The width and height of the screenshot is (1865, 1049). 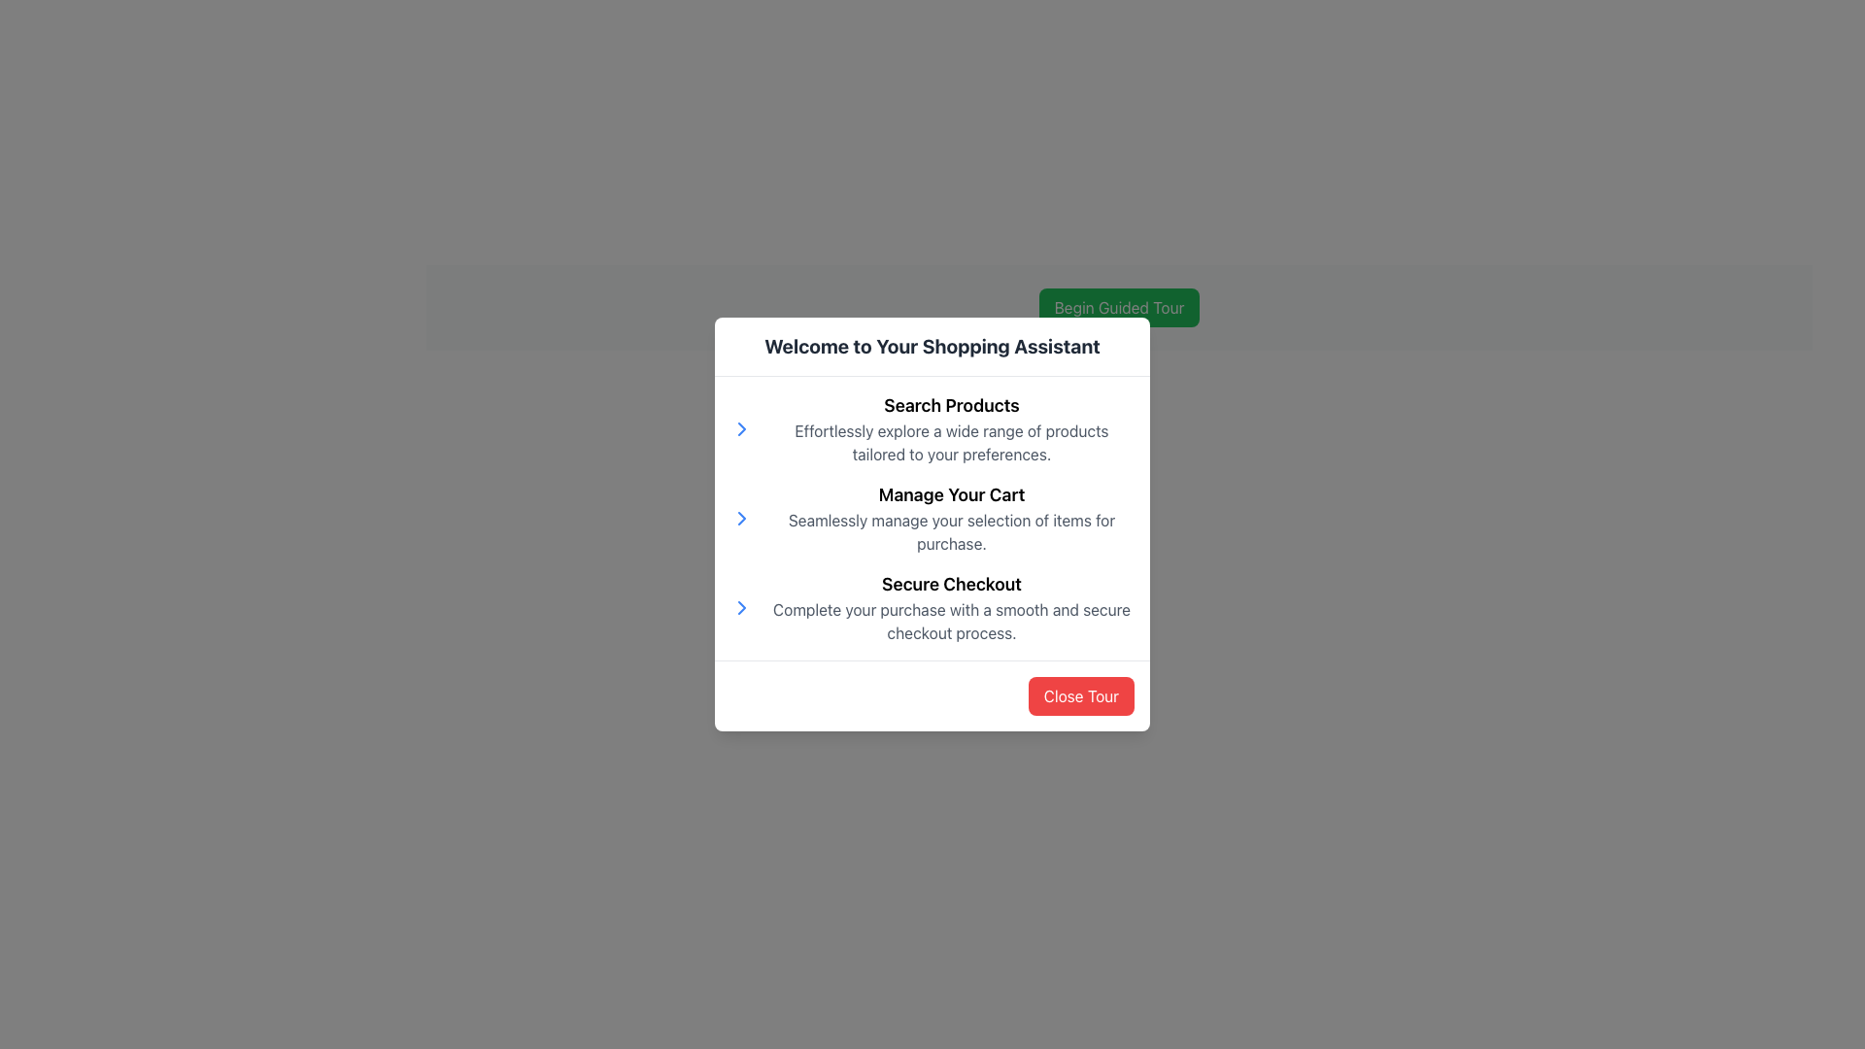 What do you see at coordinates (740, 517) in the screenshot?
I see `the second chevron icon, which is positioned to the right of the 'Manage Your Cart' label, serving as a navigational button for cart management` at bounding box center [740, 517].